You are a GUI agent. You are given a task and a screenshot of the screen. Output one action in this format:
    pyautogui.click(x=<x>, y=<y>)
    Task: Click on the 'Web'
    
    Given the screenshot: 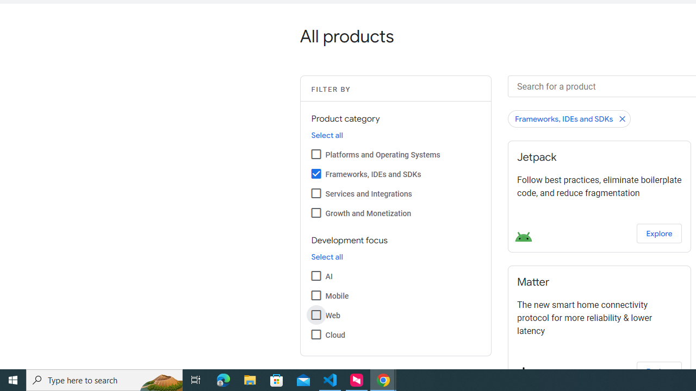 What is the action you would take?
    pyautogui.click(x=315, y=314)
    